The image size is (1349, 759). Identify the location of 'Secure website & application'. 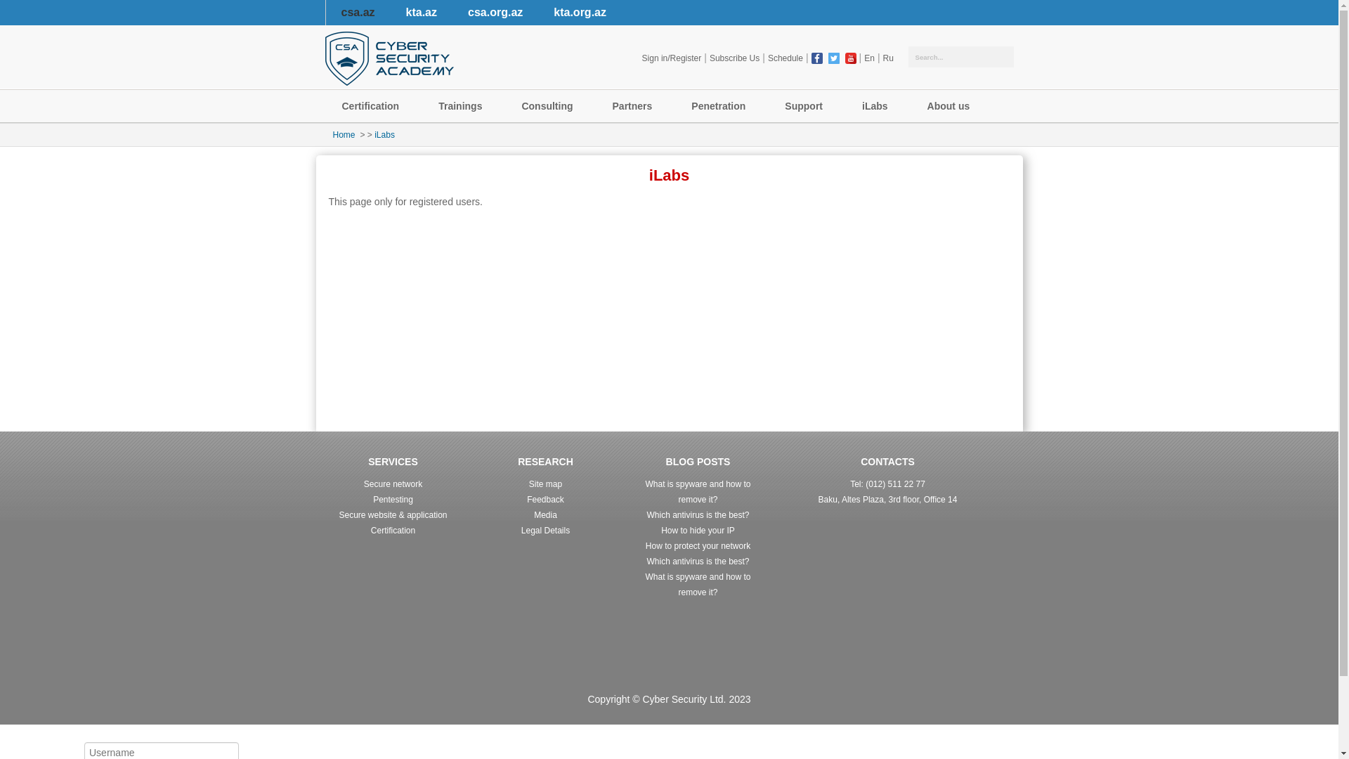
(392, 514).